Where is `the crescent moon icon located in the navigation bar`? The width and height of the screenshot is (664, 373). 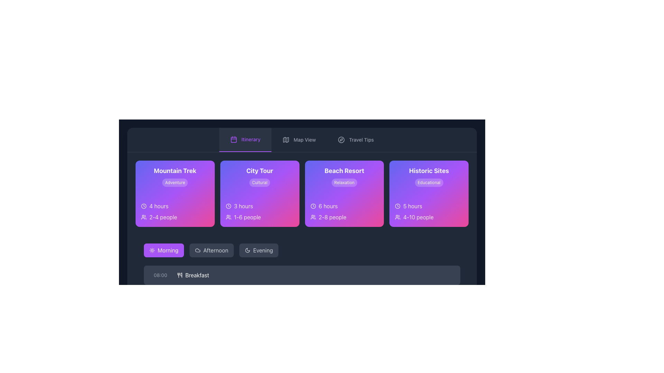
the crescent moon icon located in the navigation bar is located at coordinates (247, 250).